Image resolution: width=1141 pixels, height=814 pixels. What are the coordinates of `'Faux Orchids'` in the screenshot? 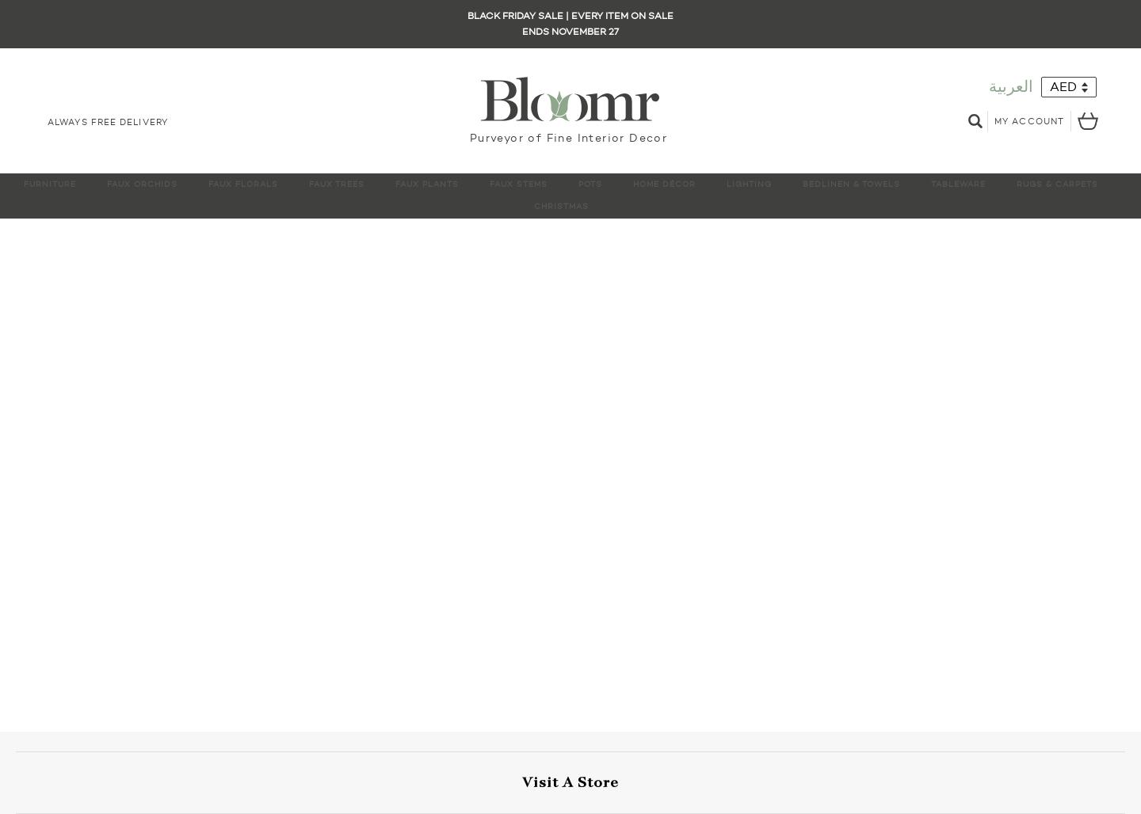 It's located at (141, 183).